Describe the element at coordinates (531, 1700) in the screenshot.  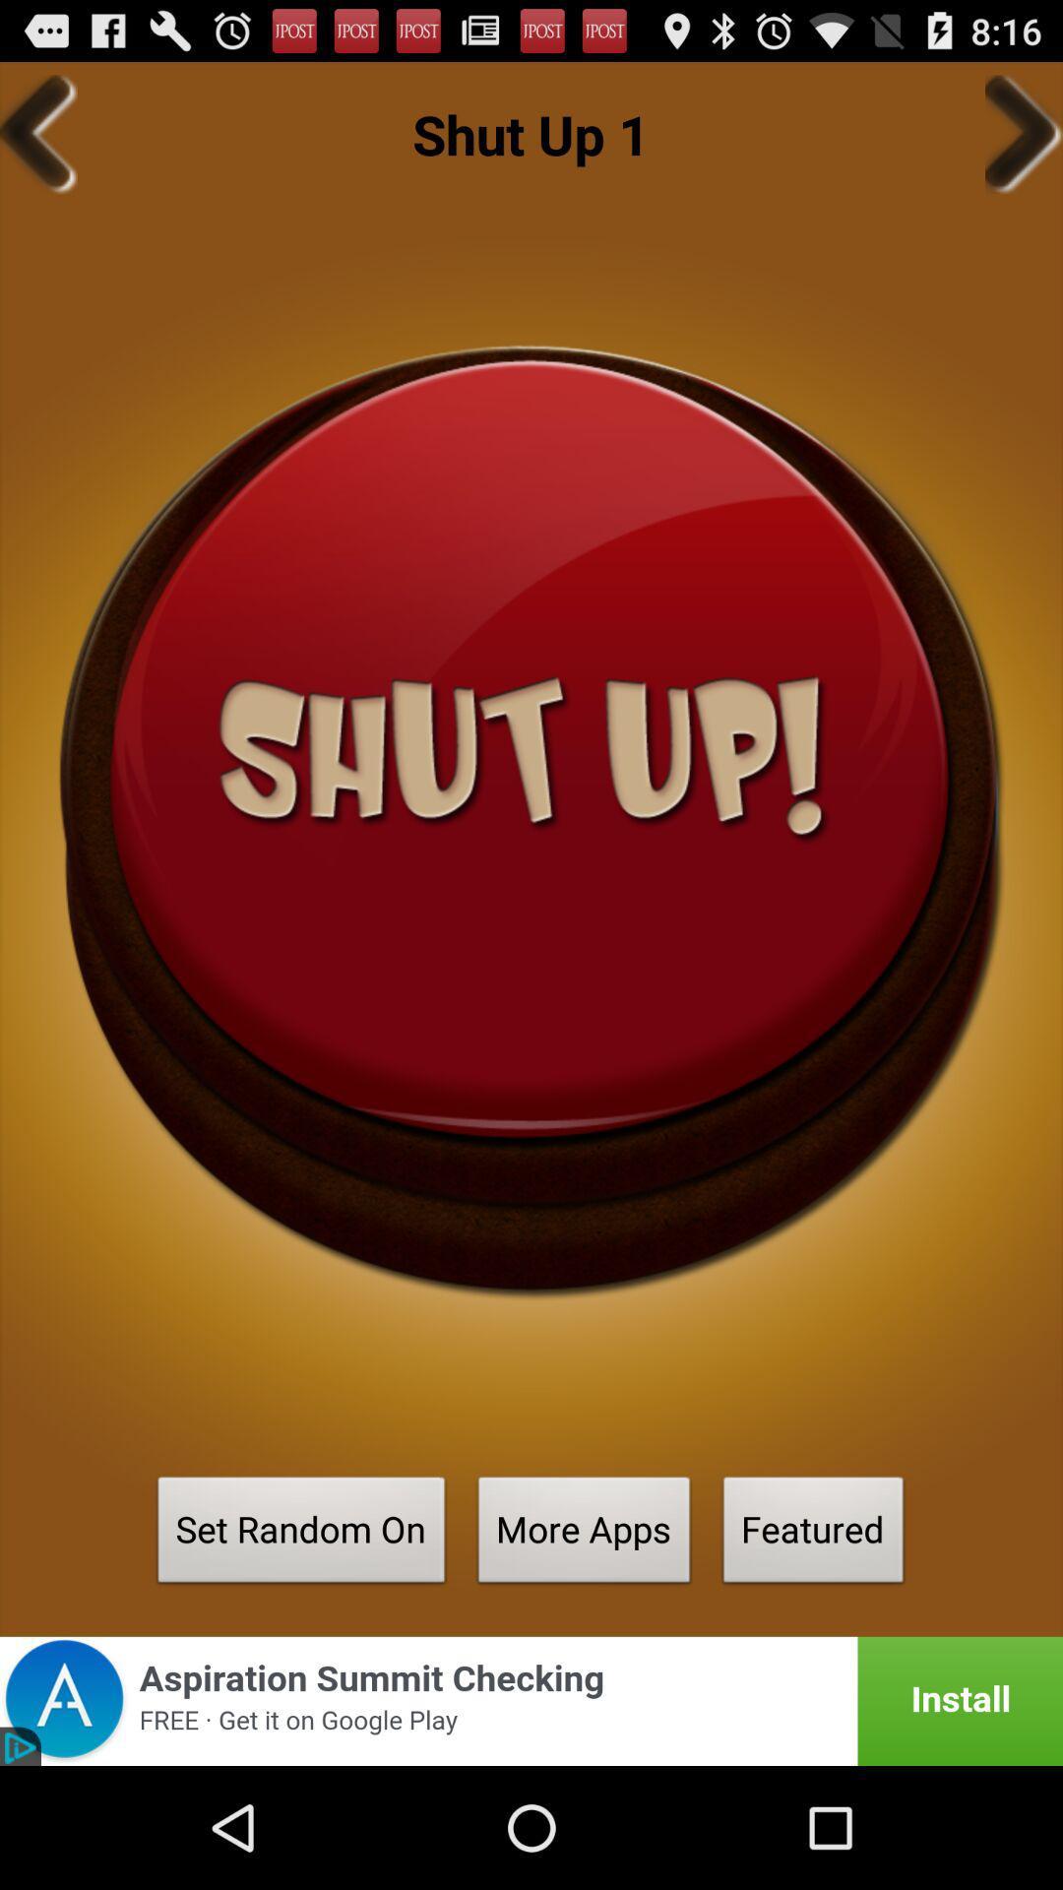
I see `share the article` at that location.